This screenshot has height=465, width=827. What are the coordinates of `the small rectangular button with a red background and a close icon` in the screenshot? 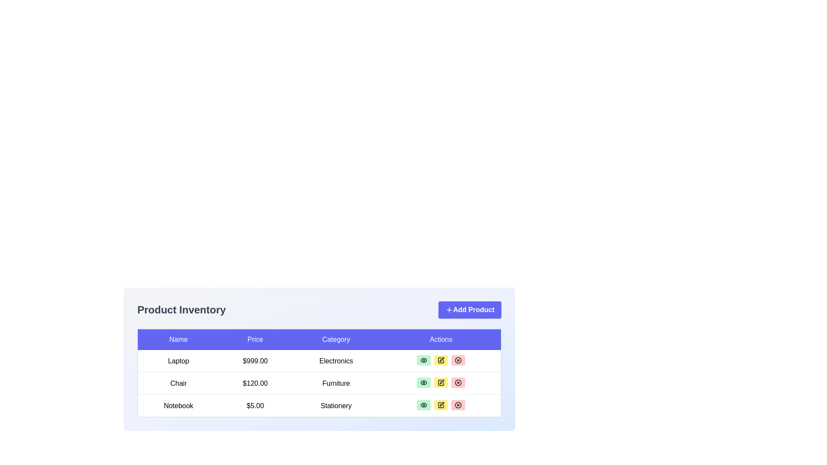 It's located at (457, 360).